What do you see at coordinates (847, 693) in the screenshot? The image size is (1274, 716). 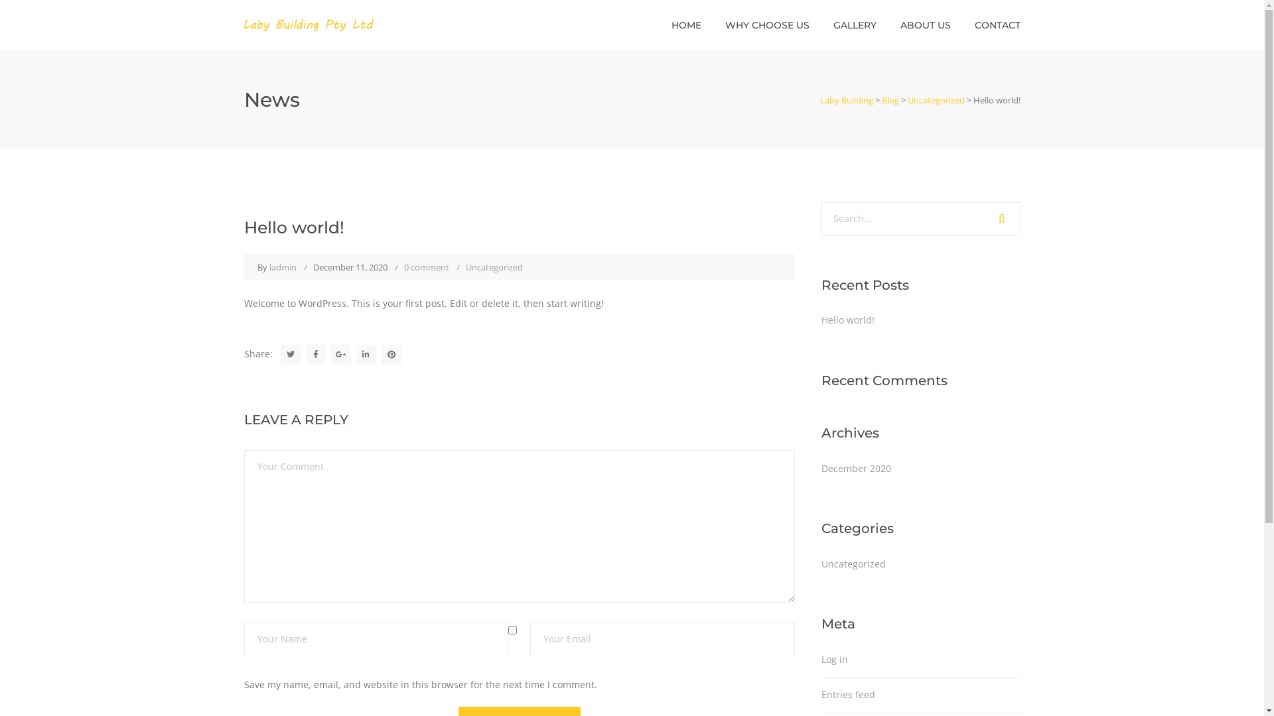 I see `'Entries feed'` at bounding box center [847, 693].